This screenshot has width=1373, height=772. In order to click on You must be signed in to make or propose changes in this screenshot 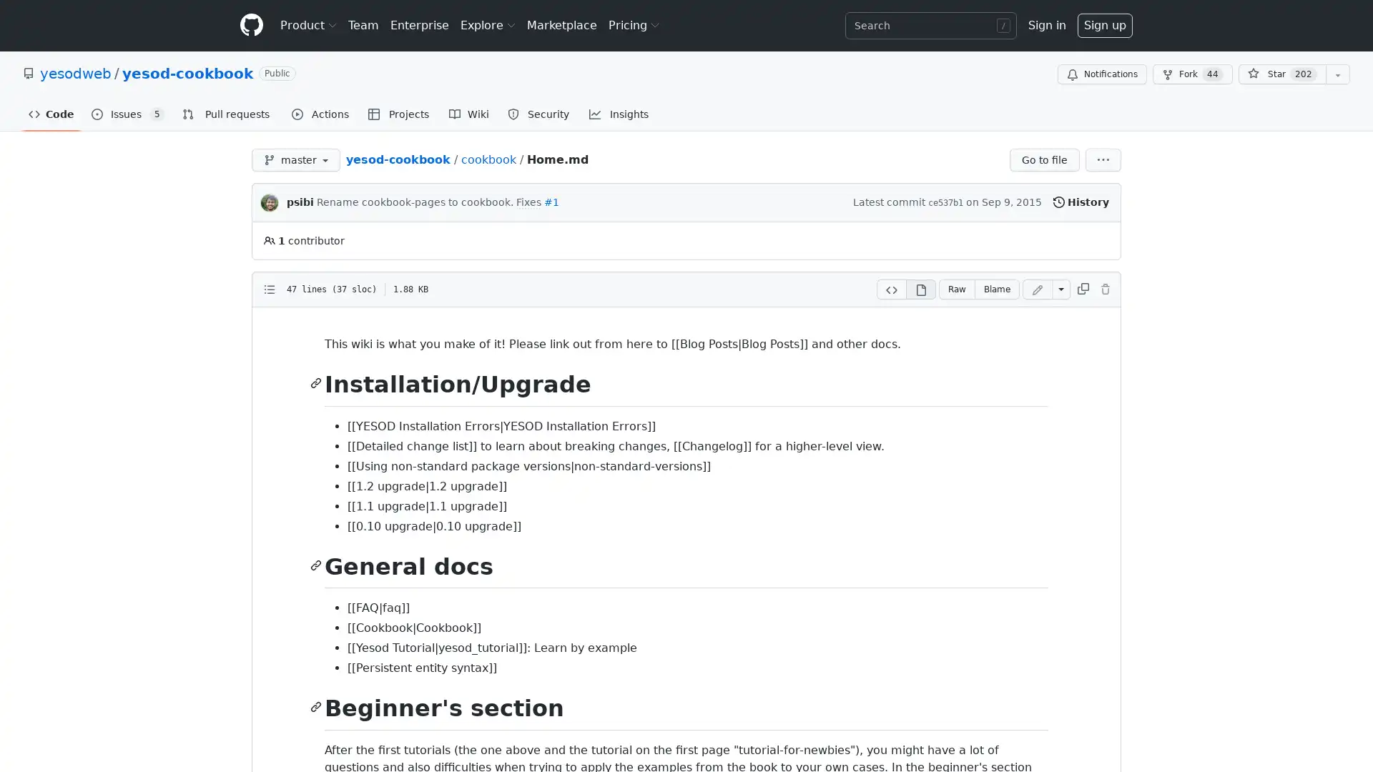, I will do `click(1037, 289)`.